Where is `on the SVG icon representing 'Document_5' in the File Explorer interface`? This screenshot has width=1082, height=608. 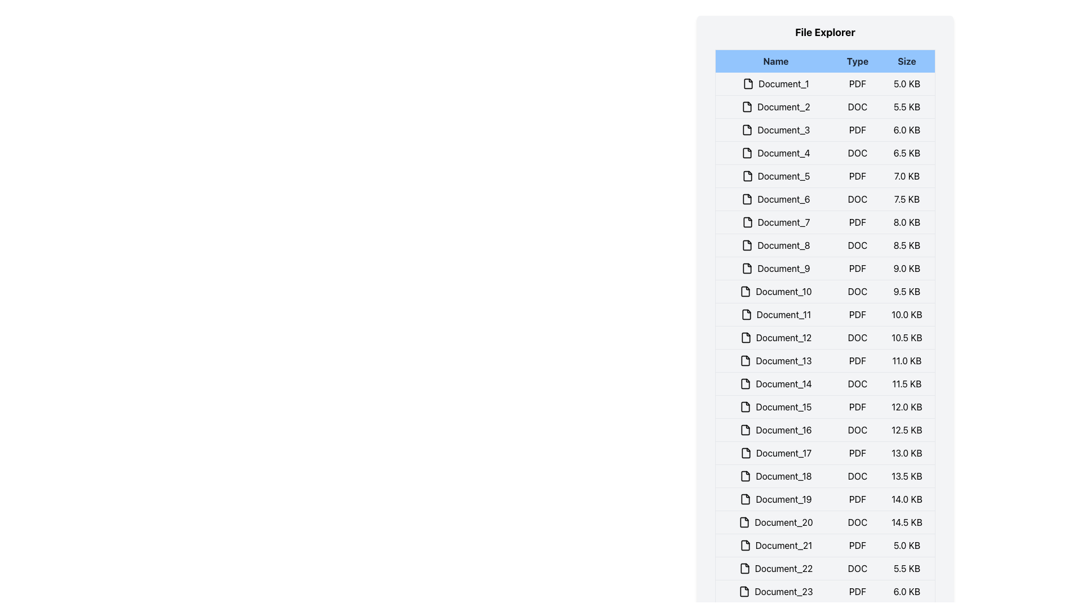
on the SVG icon representing 'Document_5' in the File Explorer interface is located at coordinates (747, 176).